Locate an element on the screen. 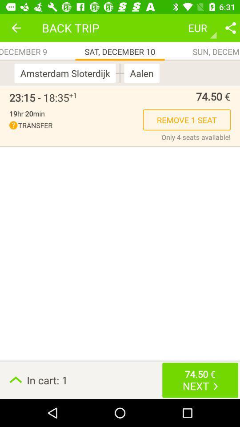 Image resolution: width=240 pixels, height=427 pixels. item to the left of the +1 icon is located at coordinates (39, 97).